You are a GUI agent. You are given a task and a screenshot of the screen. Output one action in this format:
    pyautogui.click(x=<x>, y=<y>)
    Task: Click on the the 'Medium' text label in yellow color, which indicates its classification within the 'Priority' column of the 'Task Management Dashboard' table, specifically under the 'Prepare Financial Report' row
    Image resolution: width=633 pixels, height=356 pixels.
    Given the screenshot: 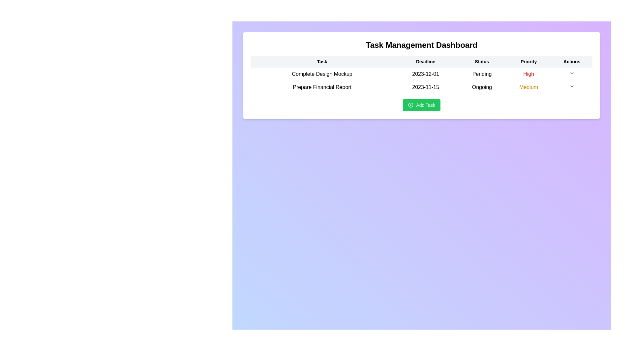 What is the action you would take?
    pyautogui.click(x=528, y=87)
    